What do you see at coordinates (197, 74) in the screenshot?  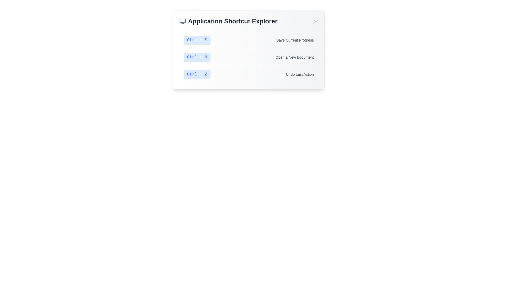 I see `text displayed on the button-like visual component styled with a blue background and rounded corners that contains the text 'Ctrl + Z', located in the third row of the 'Application Shortcut Explorer' panel, adjacent to the label 'Undo Last Action'` at bounding box center [197, 74].